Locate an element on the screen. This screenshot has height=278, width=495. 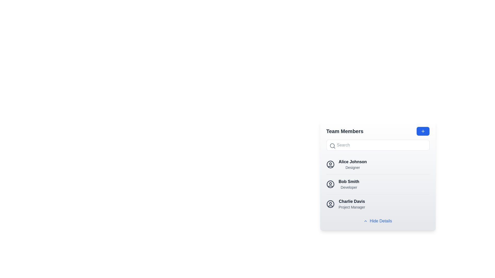
the text label for the first team member in the list, which identifies them as 'Designer', located at the top of the team member panel is located at coordinates (352, 161).